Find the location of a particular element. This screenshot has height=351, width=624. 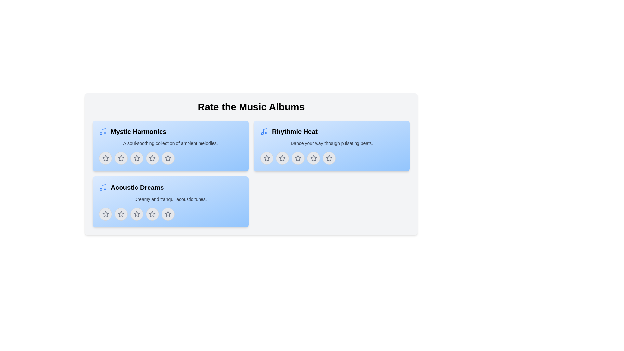

the second button in the rating section for the 'Mystic Harmonies' album is located at coordinates (121, 158).